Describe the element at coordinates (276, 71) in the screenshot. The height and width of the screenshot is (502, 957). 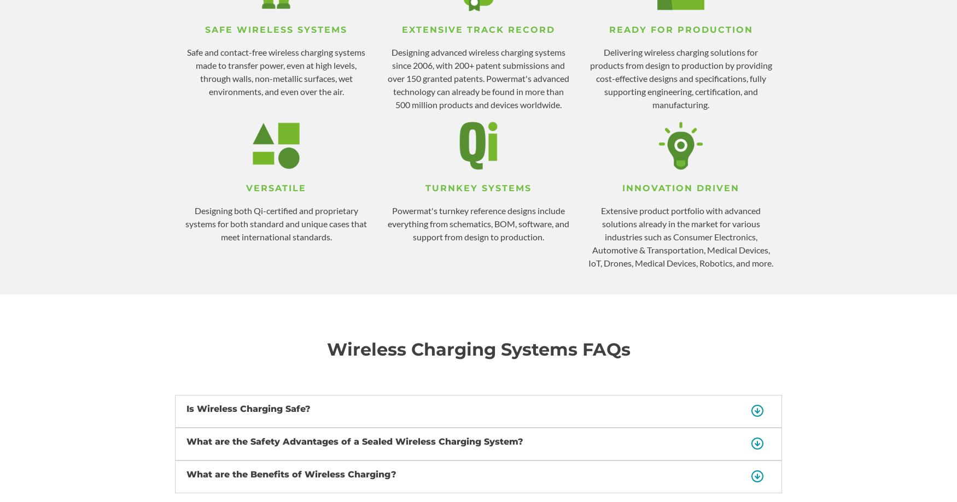
I see `'Safe and contact-free wireless charging systems made to transfer power, even at high levels, through walls,  non-metallic surfaces, wet environments, and even over the air.'` at that location.